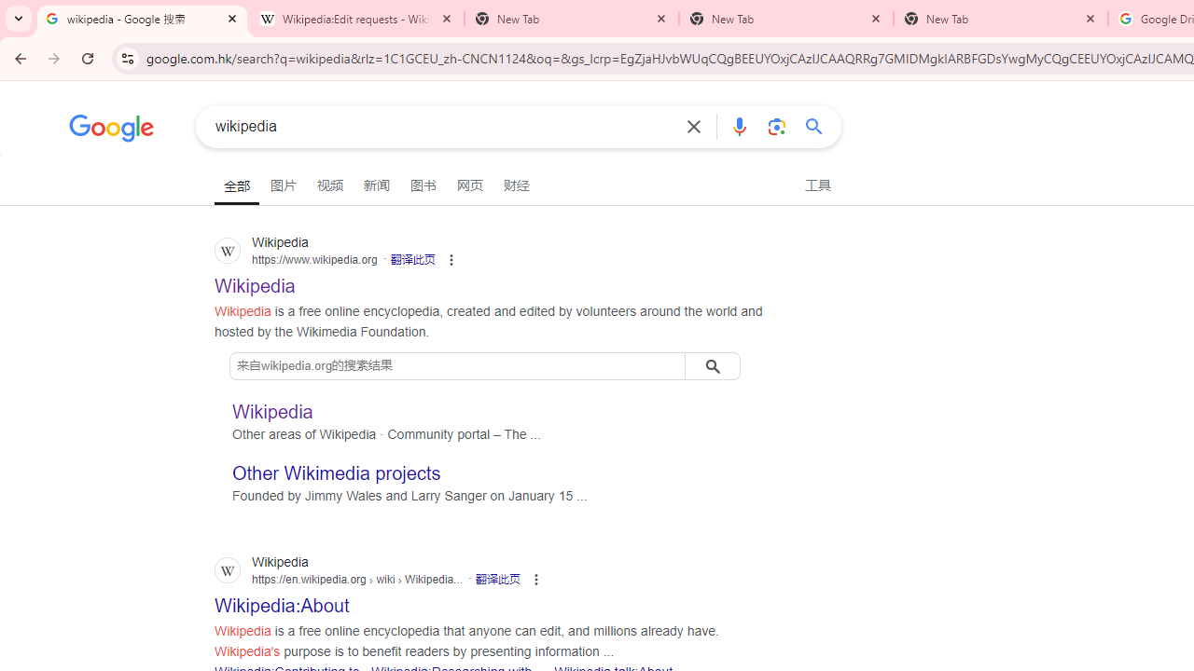 Image resolution: width=1194 pixels, height=671 pixels. Describe the element at coordinates (356, 19) in the screenshot. I see `'Wikipedia:Edit requests - Wikipedia'` at that location.